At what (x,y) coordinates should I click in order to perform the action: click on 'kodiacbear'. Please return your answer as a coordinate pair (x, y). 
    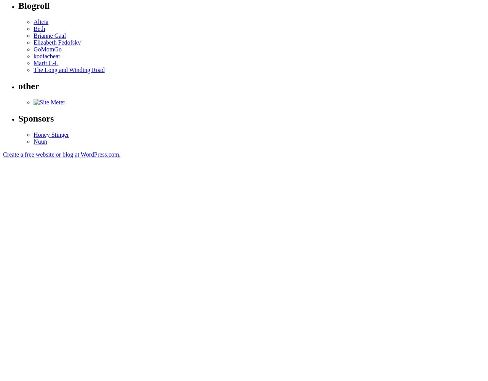
    Looking at the image, I should click on (47, 56).